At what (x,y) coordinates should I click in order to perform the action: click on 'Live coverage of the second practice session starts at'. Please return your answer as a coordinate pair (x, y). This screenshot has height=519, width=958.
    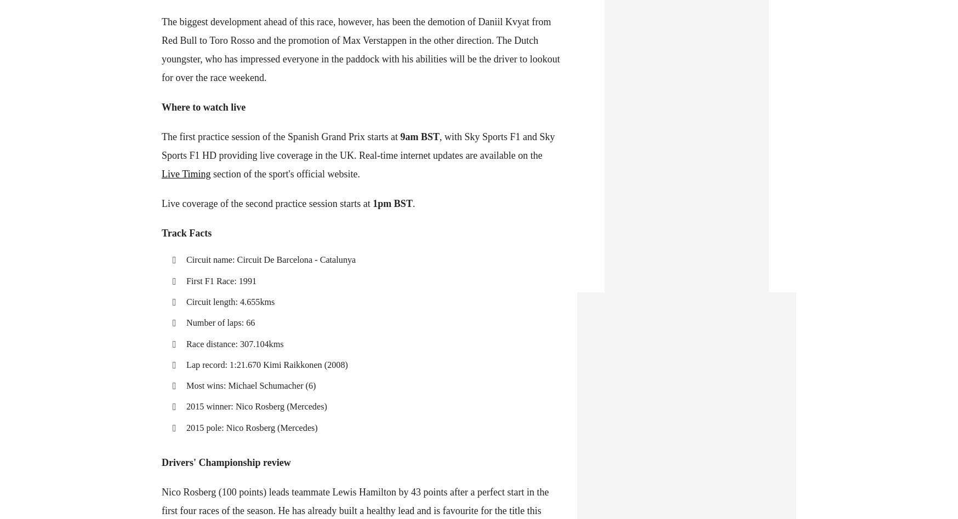
    Looking at the image, I should click on (266, 203).